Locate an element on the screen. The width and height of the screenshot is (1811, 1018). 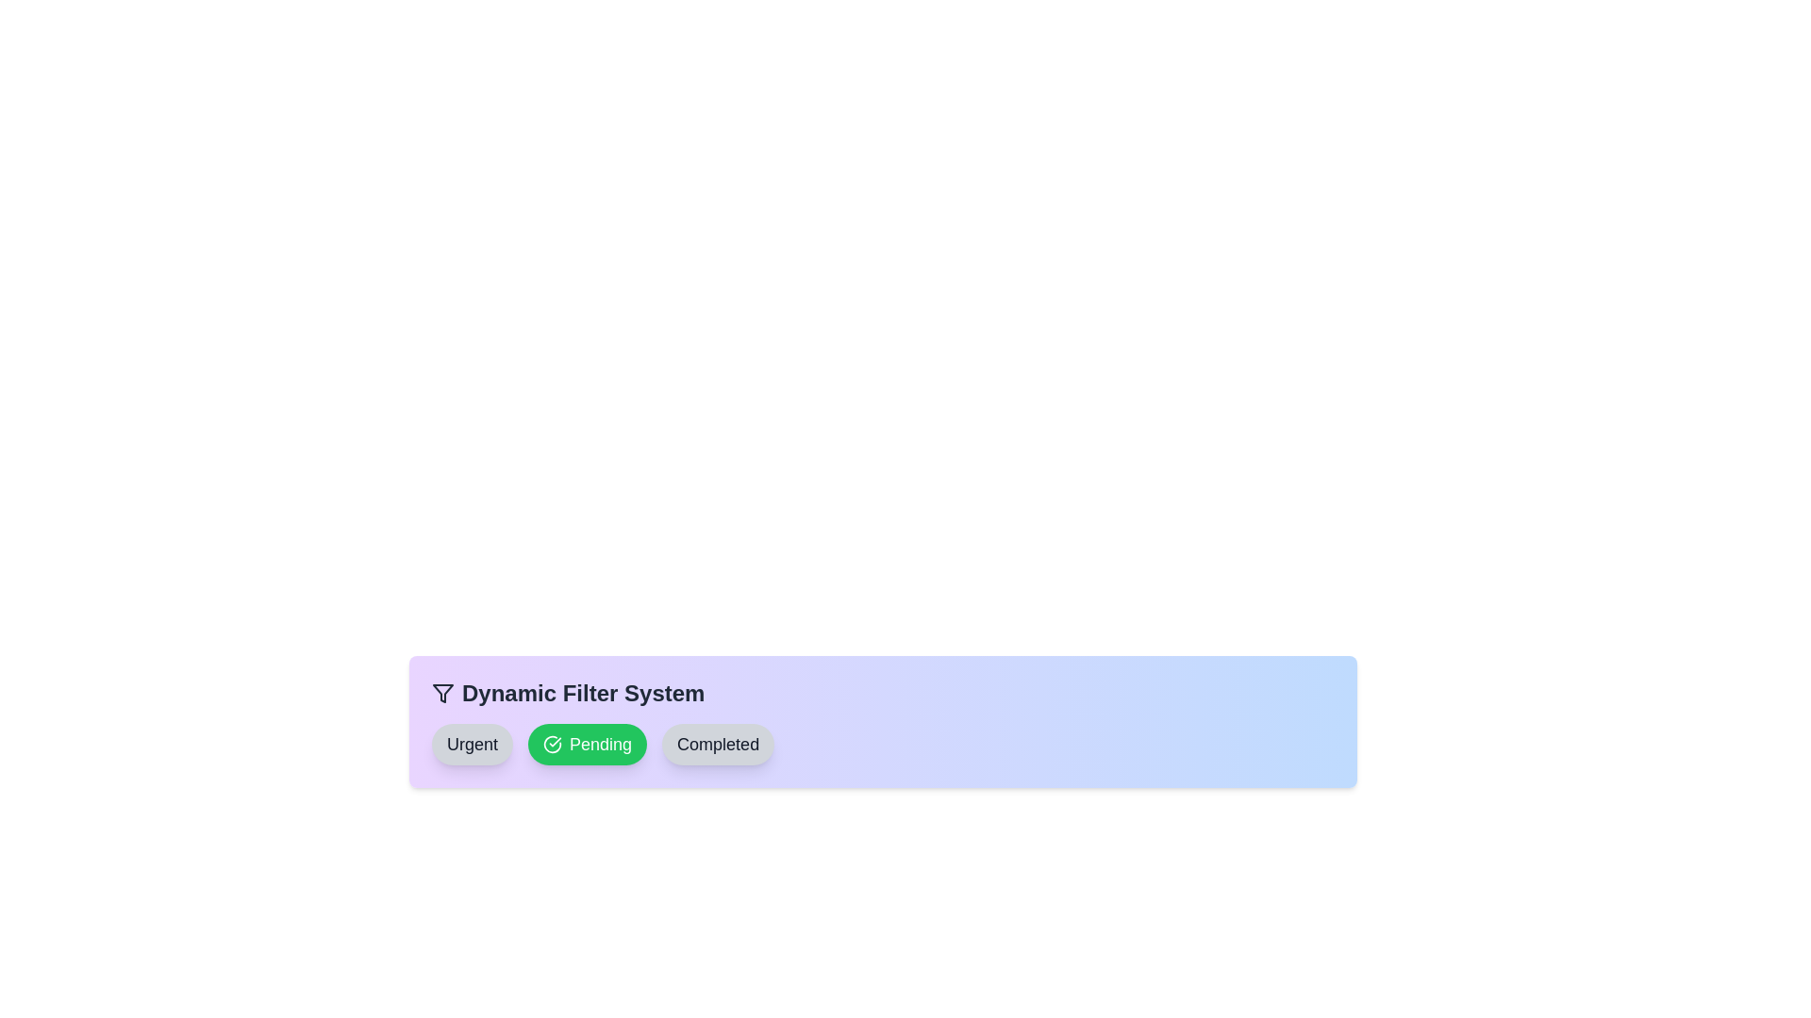
the 'Pending' filter chip to toggle its state is located at coordinates (587, 744).